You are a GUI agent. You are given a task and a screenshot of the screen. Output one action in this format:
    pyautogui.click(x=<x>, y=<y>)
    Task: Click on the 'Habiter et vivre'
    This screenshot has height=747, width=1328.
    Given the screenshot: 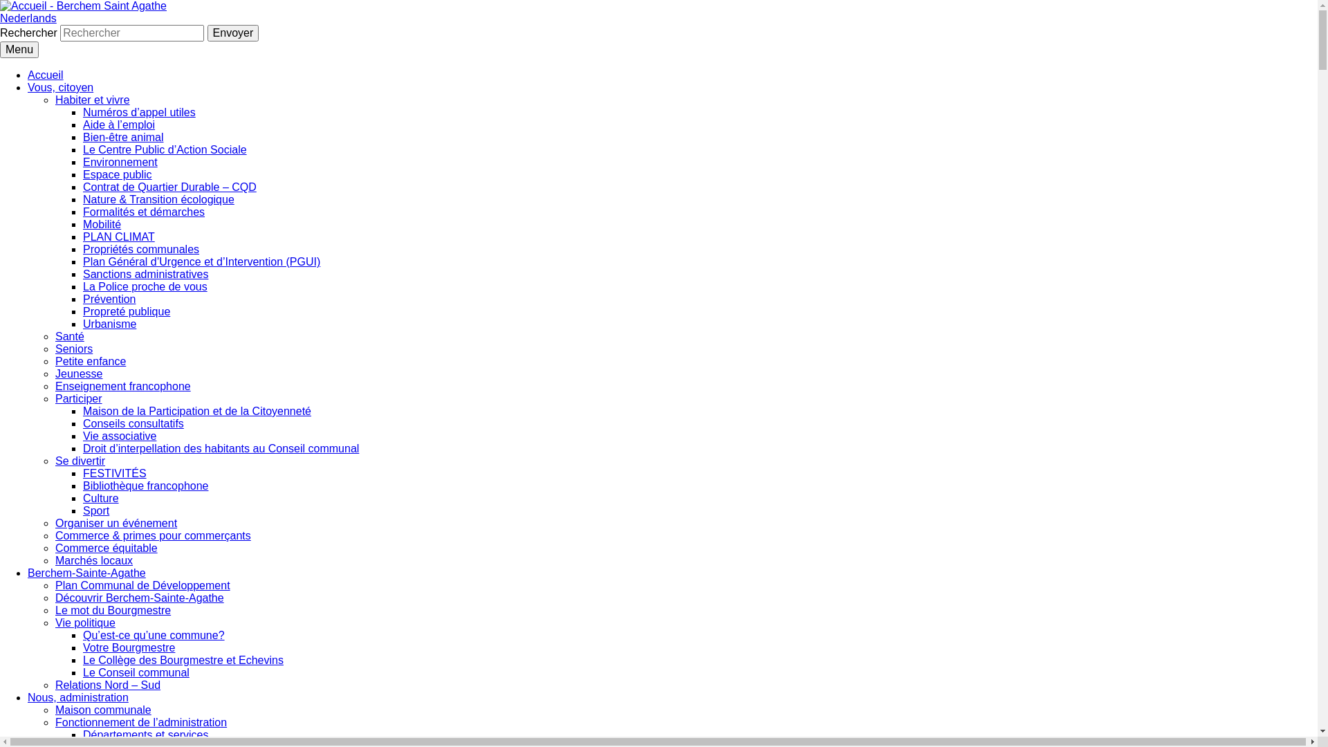 What is the action you would take?
    pyautogui.click(x=55, y=99)
    